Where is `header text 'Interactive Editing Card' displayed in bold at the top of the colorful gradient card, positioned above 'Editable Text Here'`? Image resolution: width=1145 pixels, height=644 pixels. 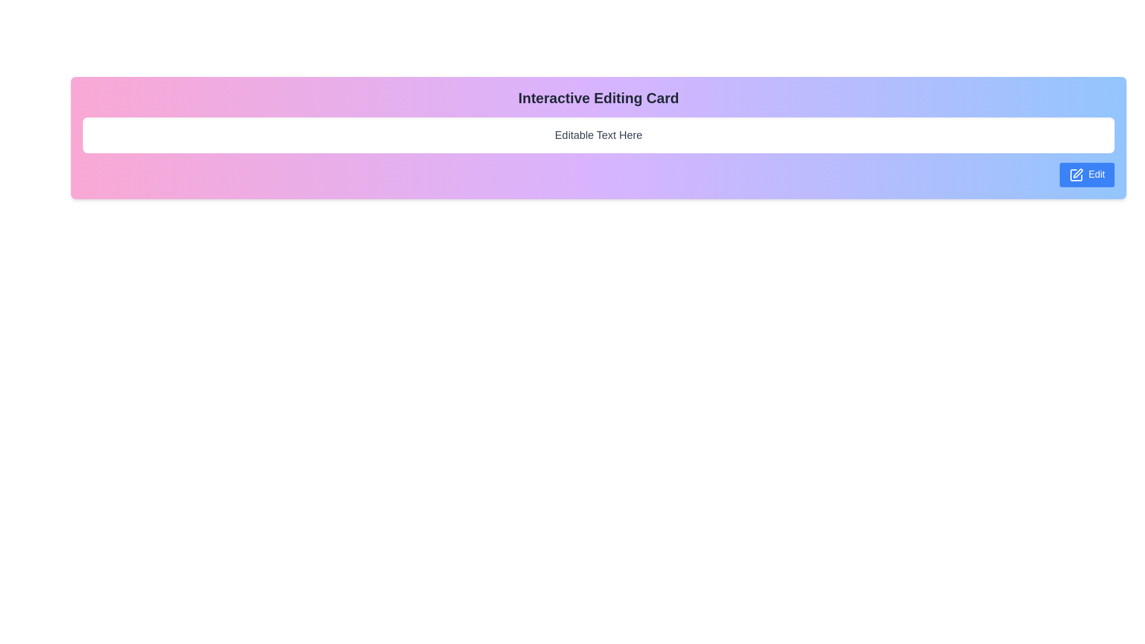 header text 'Interactive Editing Card' displayed in bold at the top of the colorful gradient card, positioned above 'Editable Text Here' is located at coordinates (598, 98).